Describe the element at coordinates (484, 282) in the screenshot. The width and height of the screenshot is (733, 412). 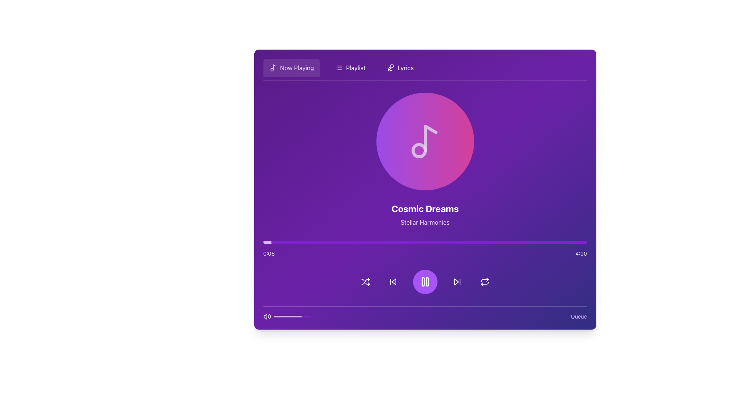
I see `the circular 'repeat' button on the control bar at the bottom right` at that location.